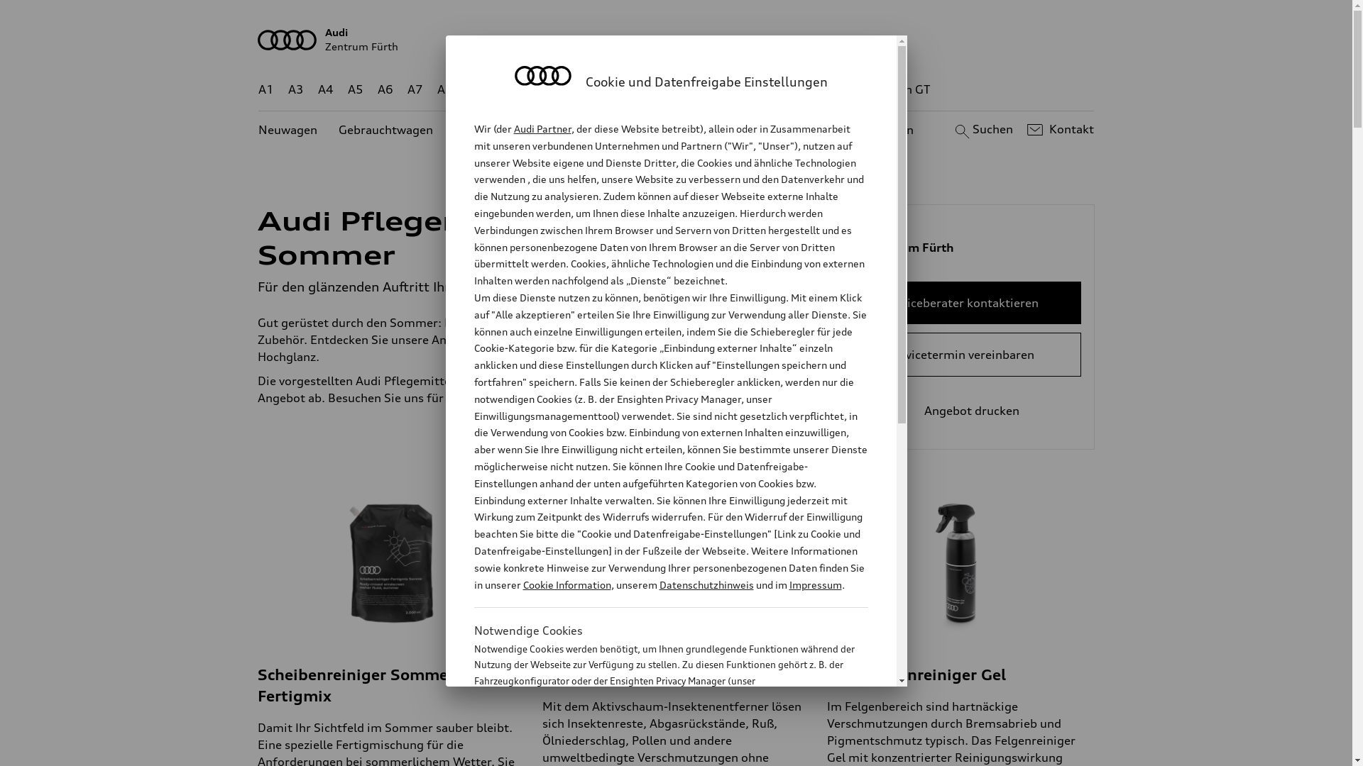 The image size is (1363, 766). What do you see at coordinates (715, 89) in the screenshot?
I see `'Q8 e-tron'` at bounding box center [715, 89].